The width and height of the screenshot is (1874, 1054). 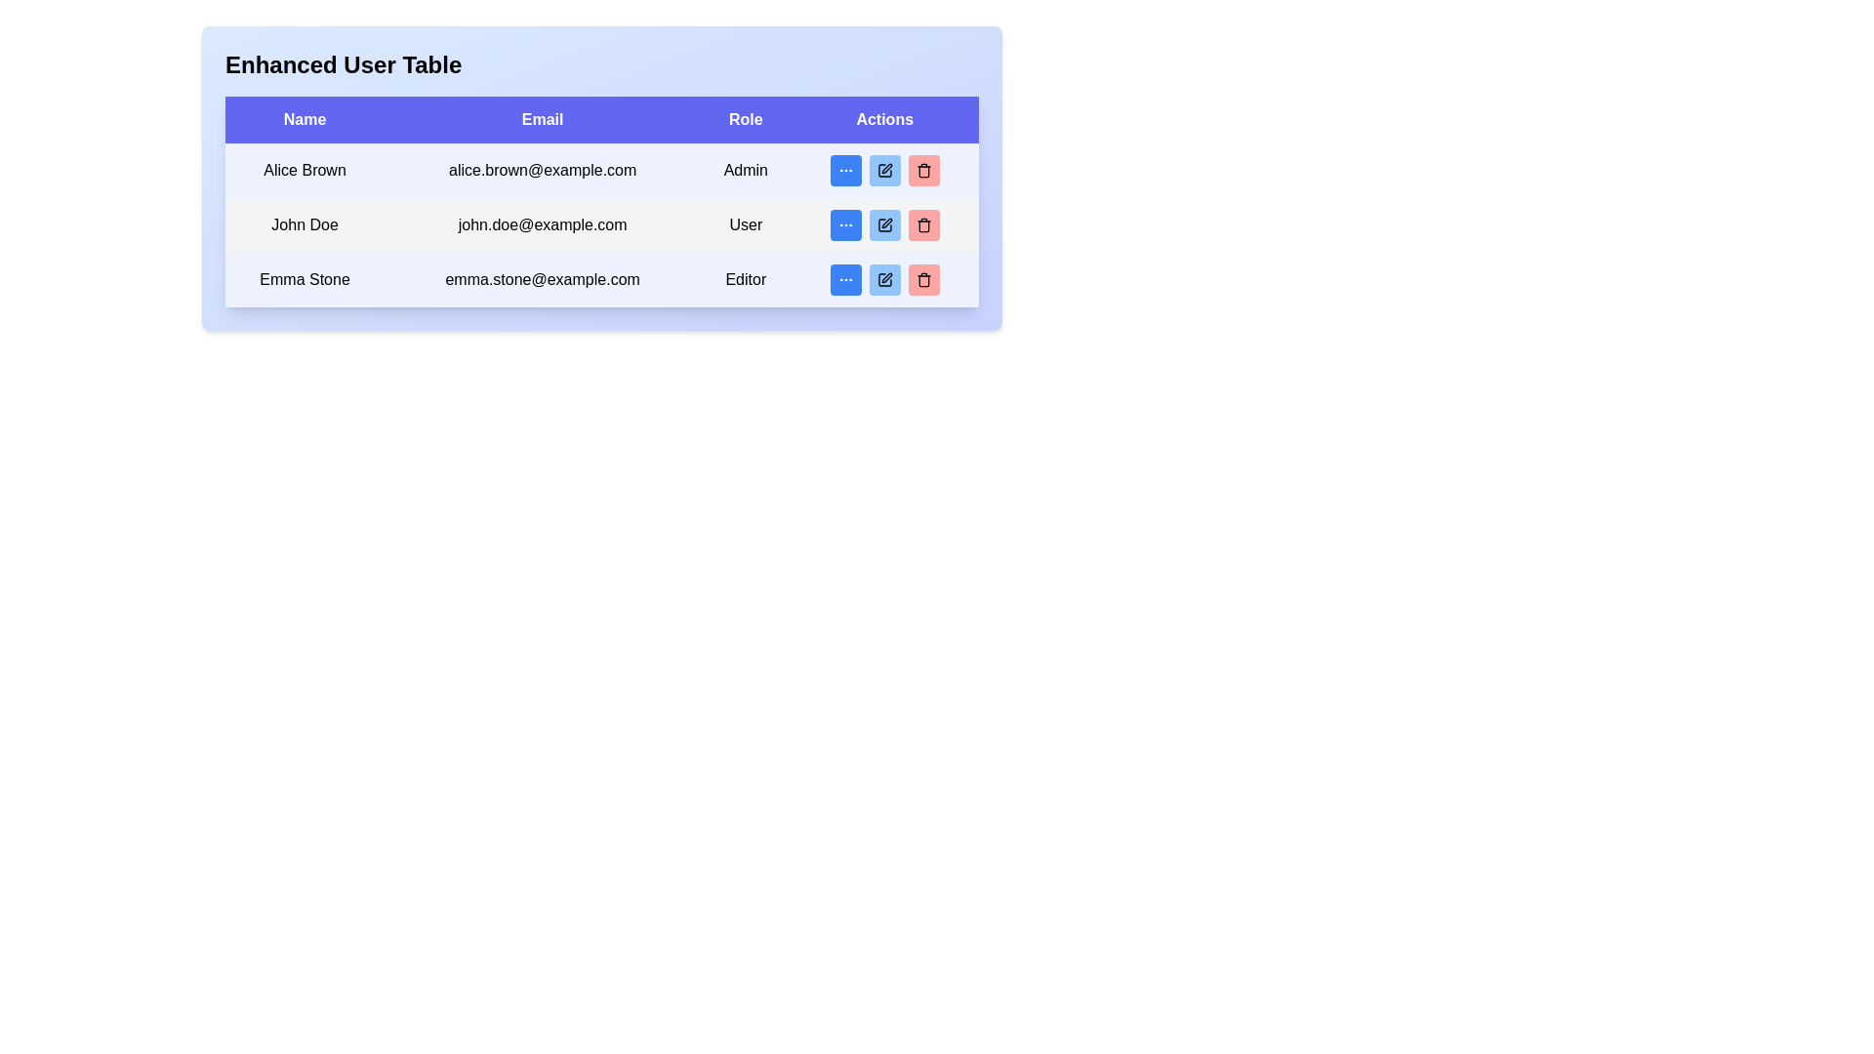 What do you see at coordinates (845, 224) in the screenshot?
I see `the blue button with rounded corners featuring a white-stroked ellipsis icon, located in the 'Actions' column aligned with the 'User' row` at bounding box center [845, 224].